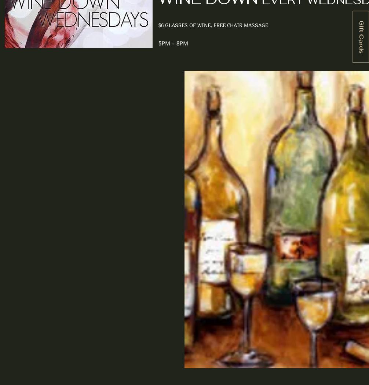  Describe the element at coordinates (52, 278) in the screenshot. I see `'Wine Club Details'` at that location.